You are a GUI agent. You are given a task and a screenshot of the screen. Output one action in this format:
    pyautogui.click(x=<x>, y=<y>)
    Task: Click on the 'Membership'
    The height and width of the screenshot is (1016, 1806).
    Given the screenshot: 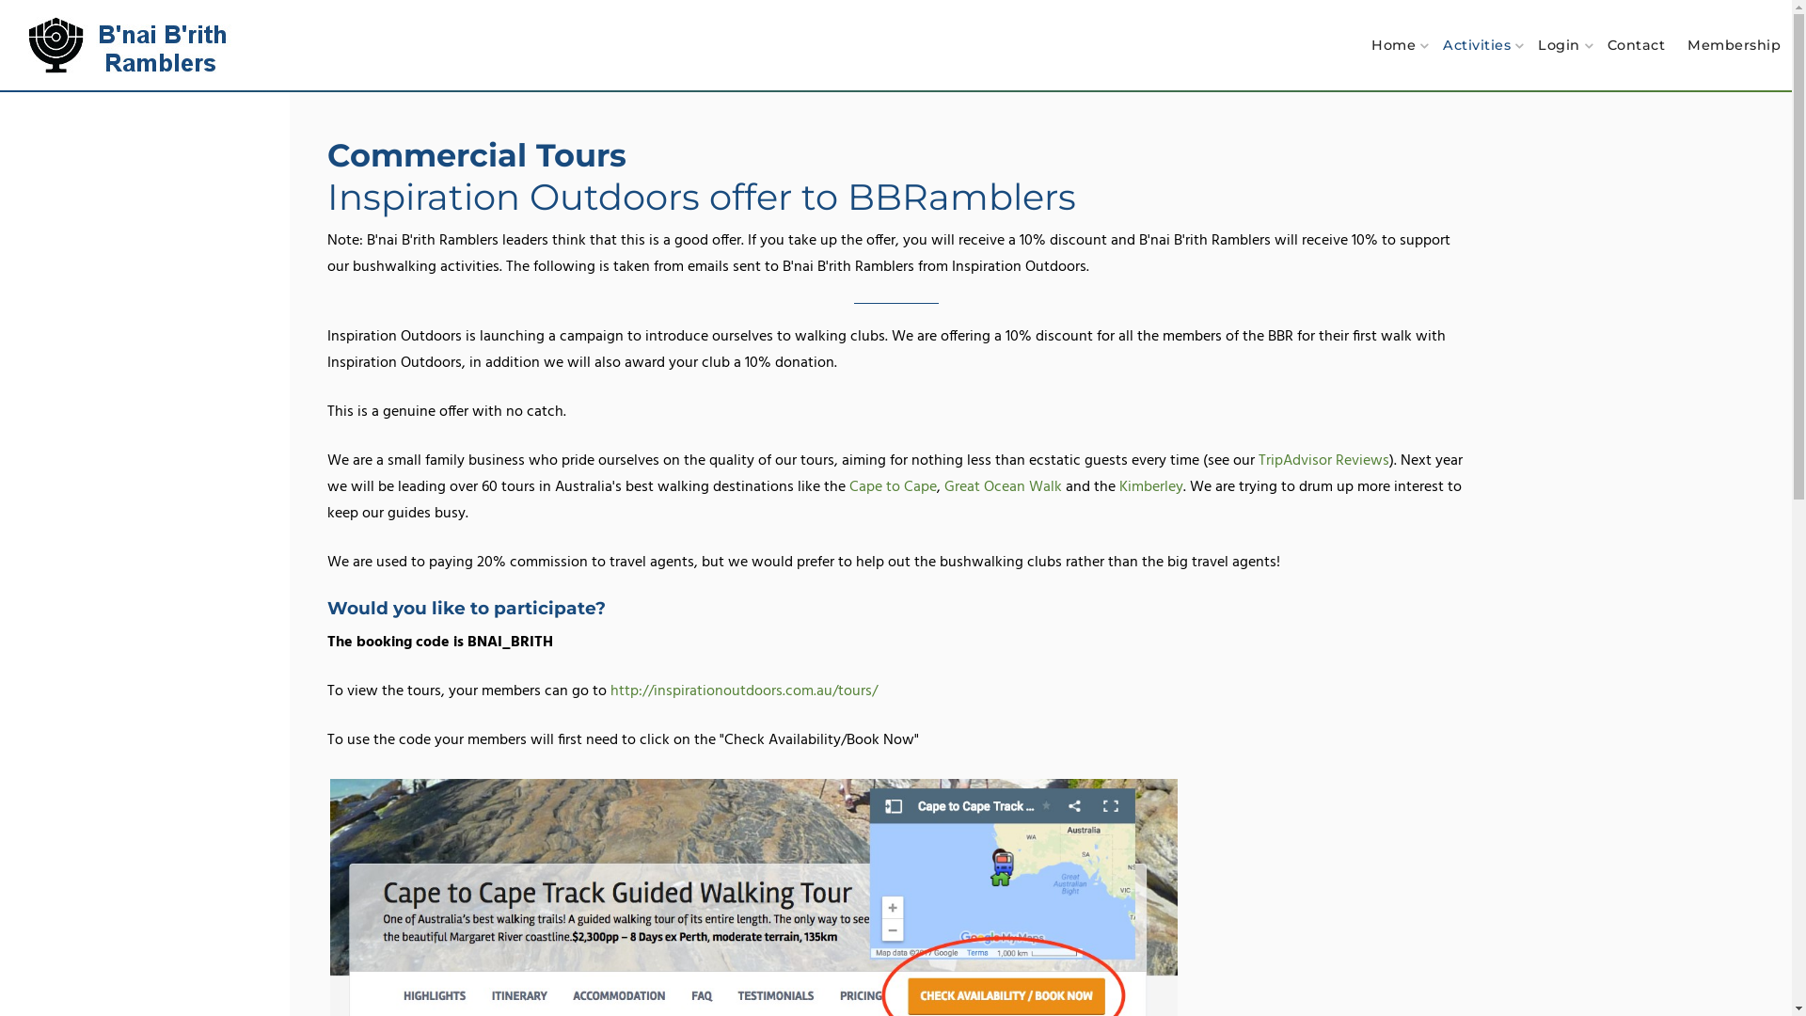 What is the action you would take?
    pyautogui.click(x=1733, y=43)
    